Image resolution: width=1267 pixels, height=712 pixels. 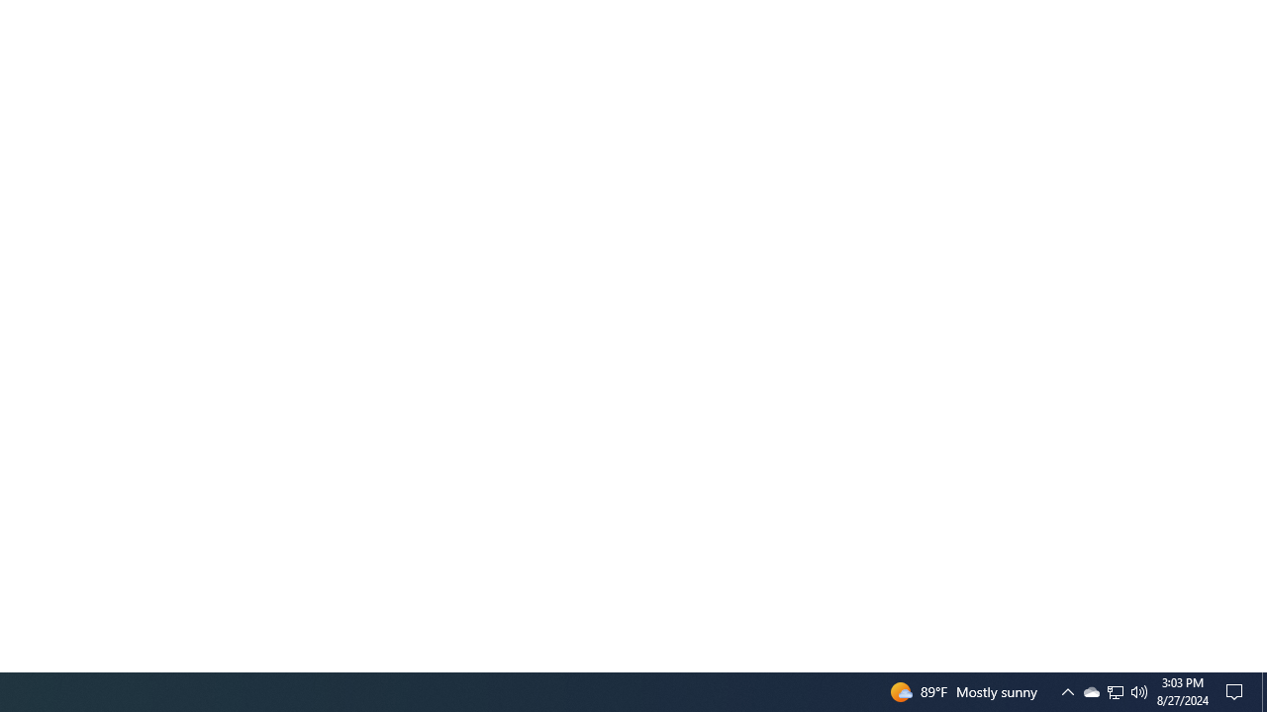 What do you see at coordinates (1263, 690) in the screenshot?
I see `'Show desktop'` at bounding box center [1263, 690].